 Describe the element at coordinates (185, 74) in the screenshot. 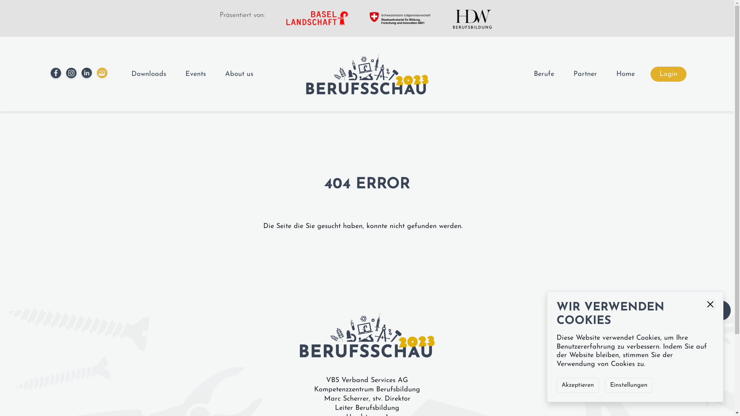

I see `'Events'` at that location.